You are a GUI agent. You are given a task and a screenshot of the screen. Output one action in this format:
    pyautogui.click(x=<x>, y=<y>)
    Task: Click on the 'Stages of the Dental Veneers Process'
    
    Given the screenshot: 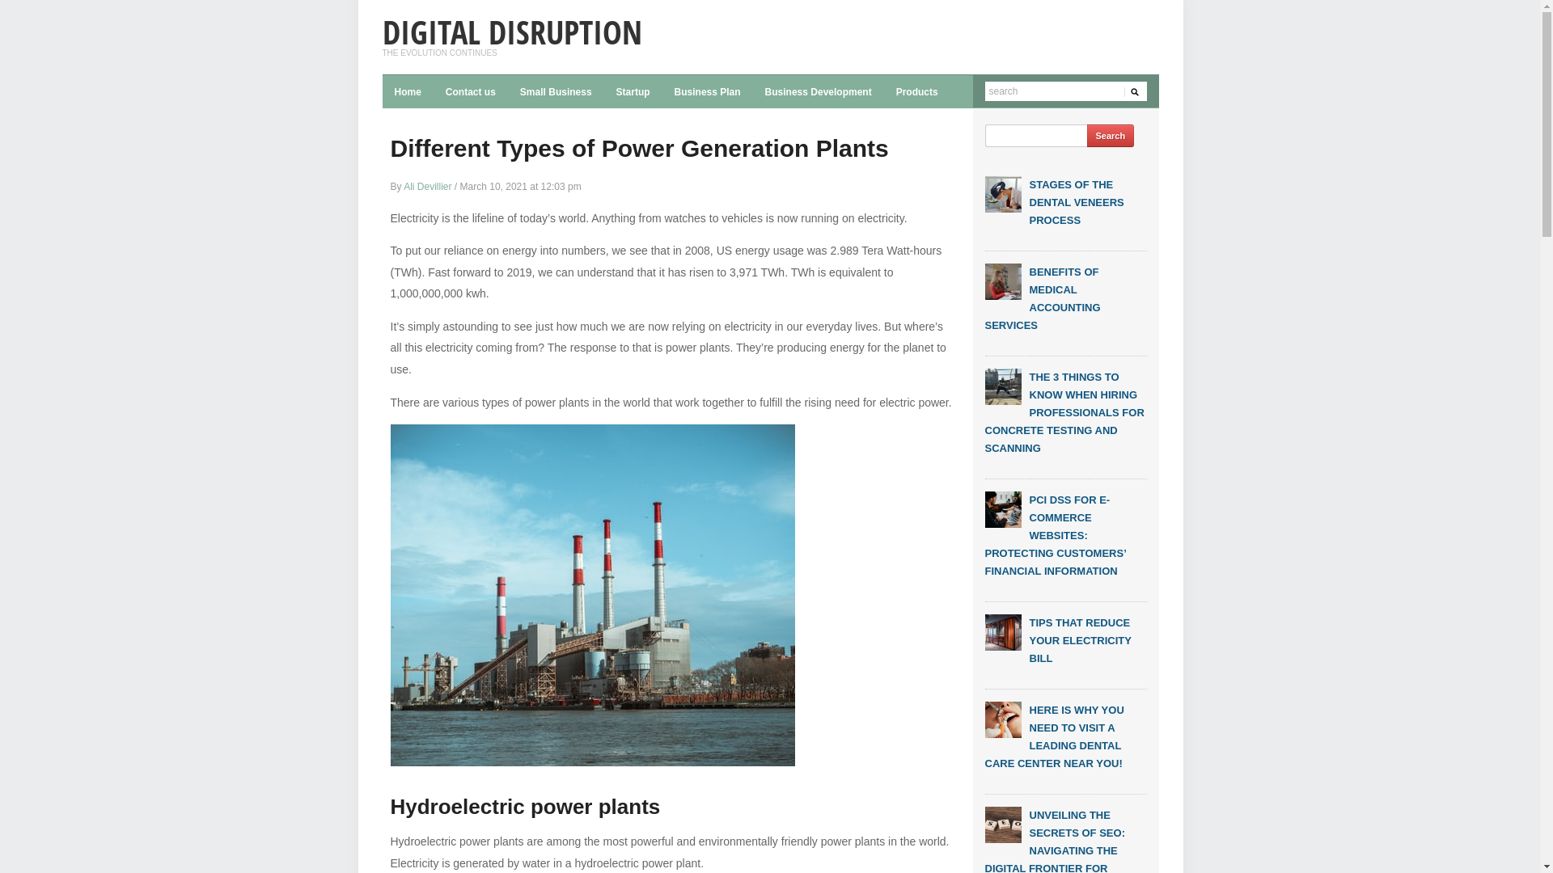 What is the action you would take?
    pyautogui.click(x=1002, y=192)
    